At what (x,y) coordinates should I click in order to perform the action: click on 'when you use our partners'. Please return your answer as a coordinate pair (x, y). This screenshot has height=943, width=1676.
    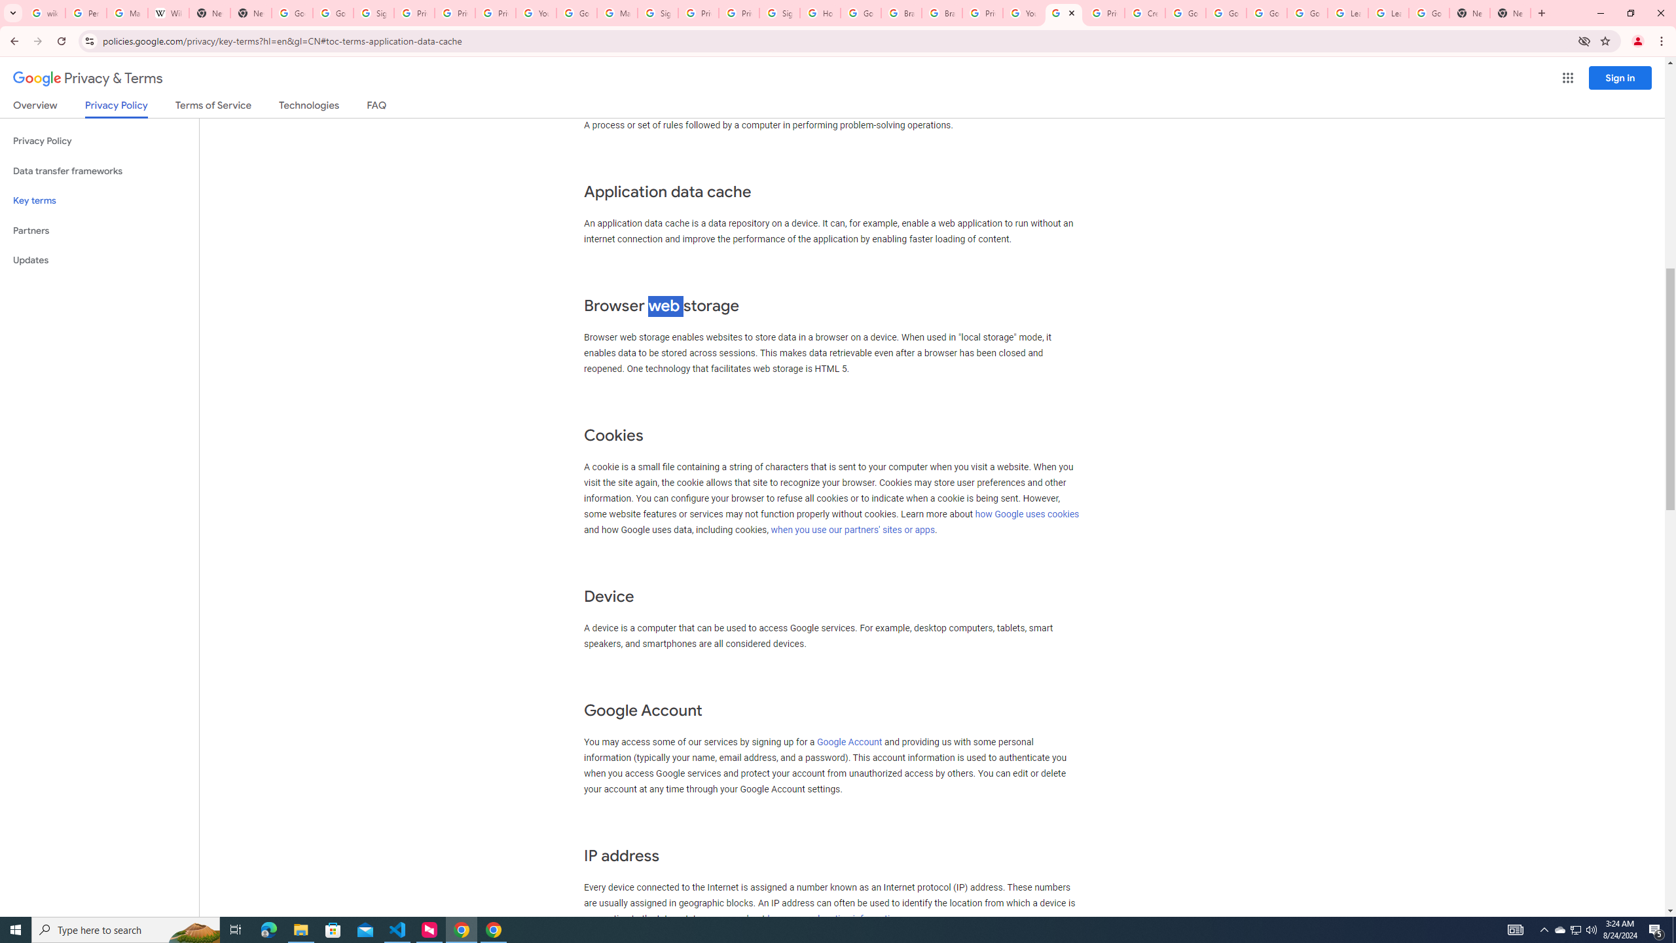
    Looking at the image, I should click on (853, 529).